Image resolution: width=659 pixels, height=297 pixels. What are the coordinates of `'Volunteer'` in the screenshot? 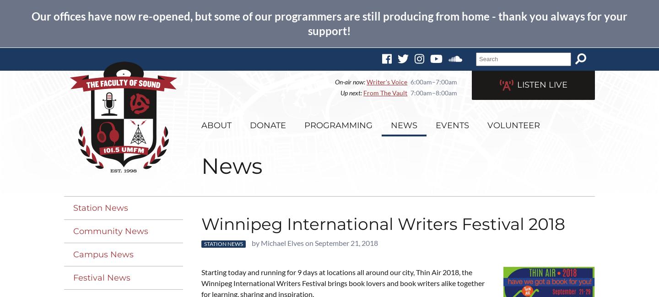 It's located at (487, 125).